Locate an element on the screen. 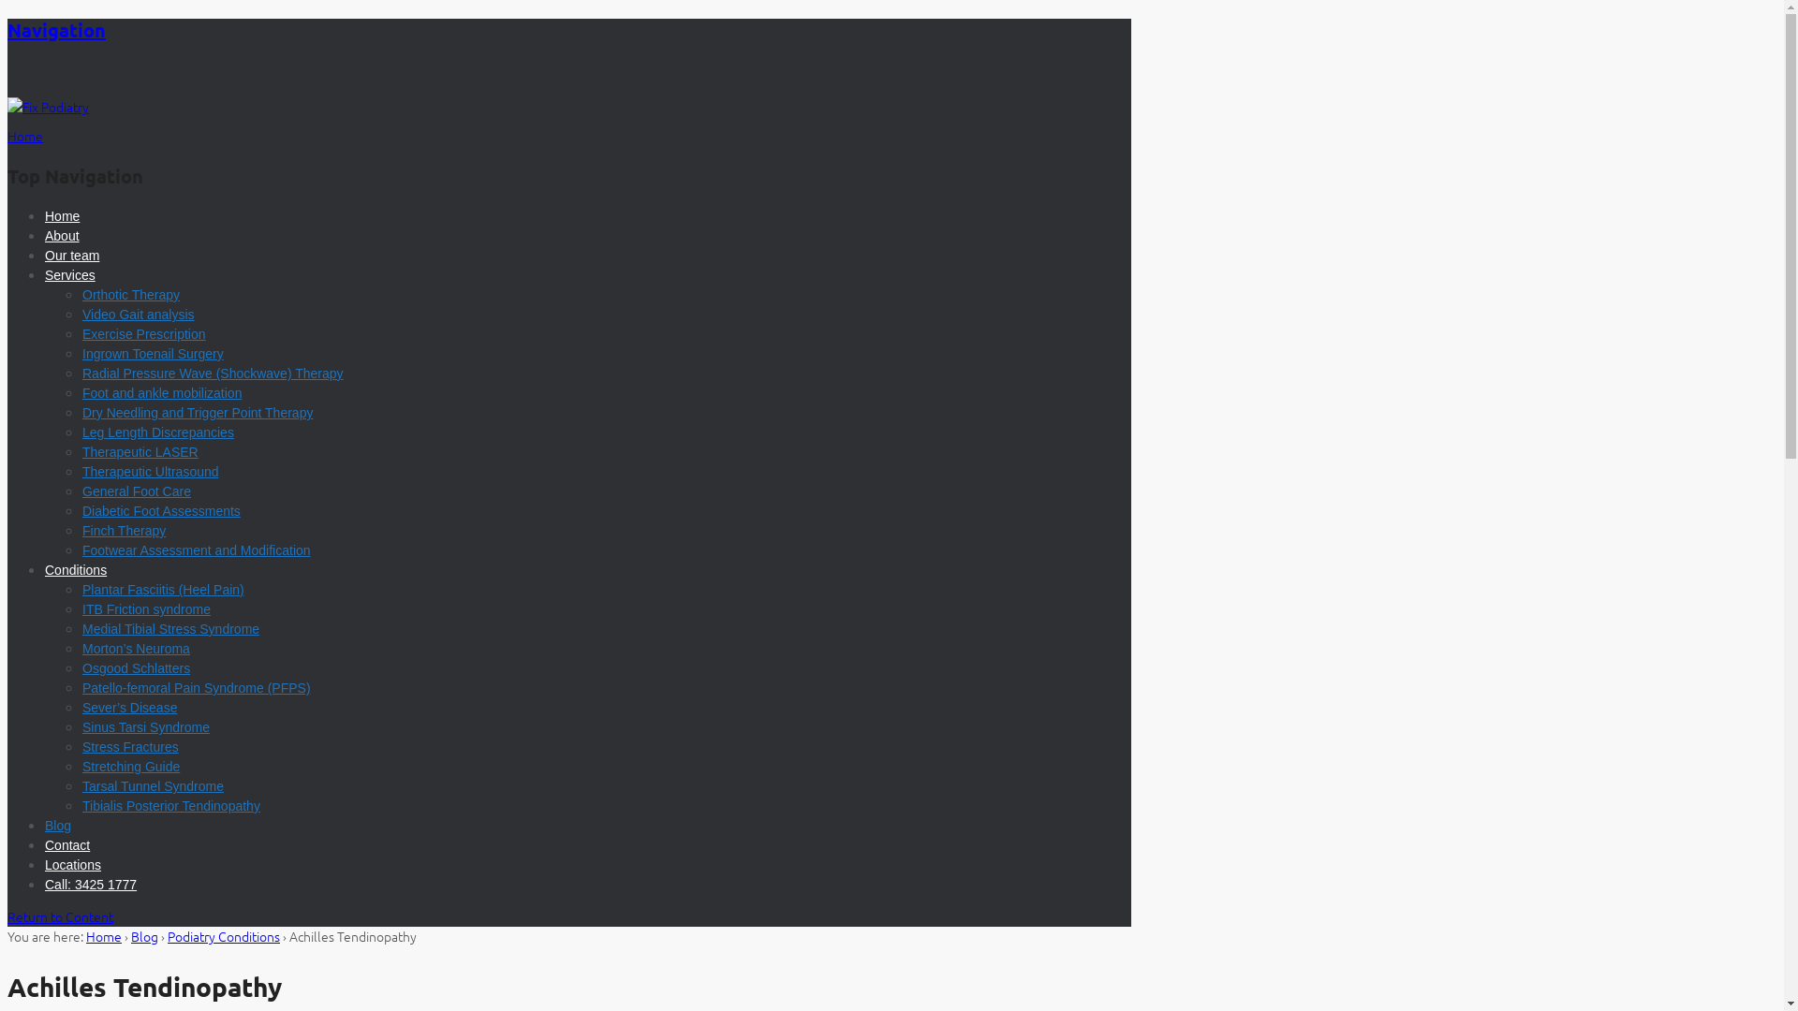 This screenshot has height=1011, width=1798. 'Patello-femoral Pain Syndrome (PFPS)' is located at coordinates (197, 688).